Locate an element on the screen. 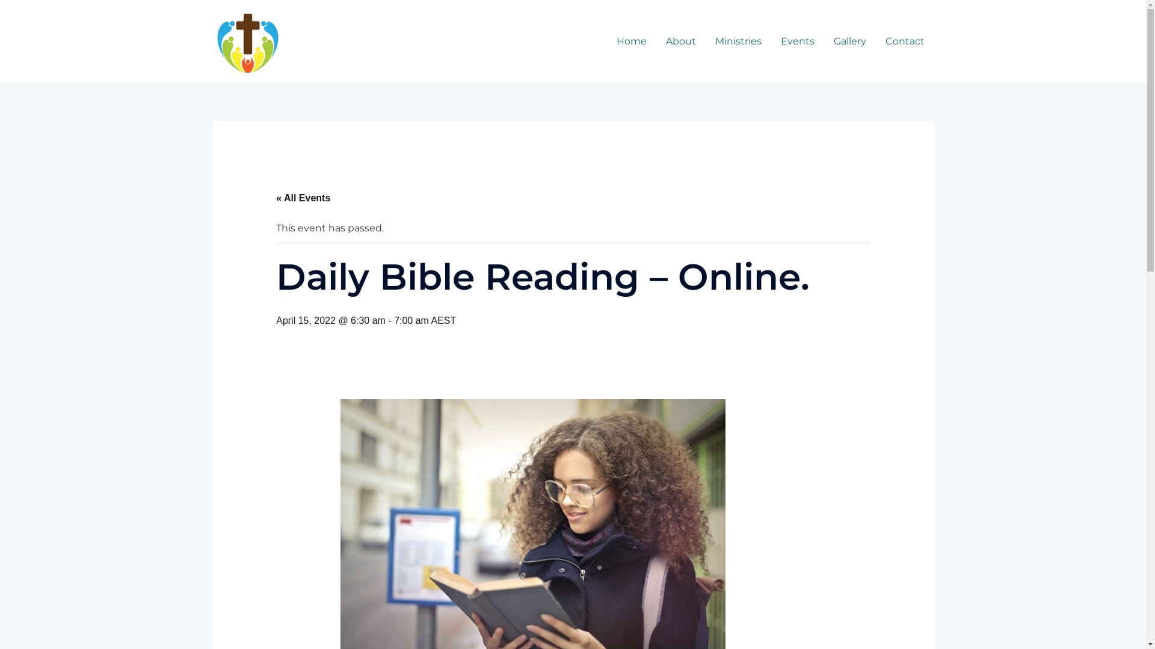 The image size is (1155, 649). 'Home' is located at coordinates (630, 41).